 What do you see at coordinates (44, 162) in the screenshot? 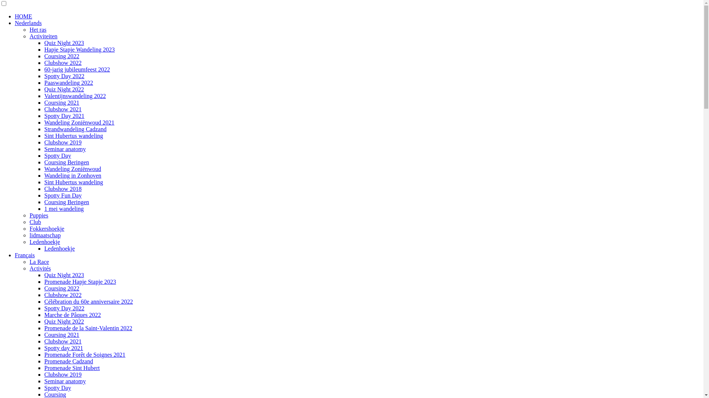
I see `'Coursing Beringen'` at bounding box center [44, 162].